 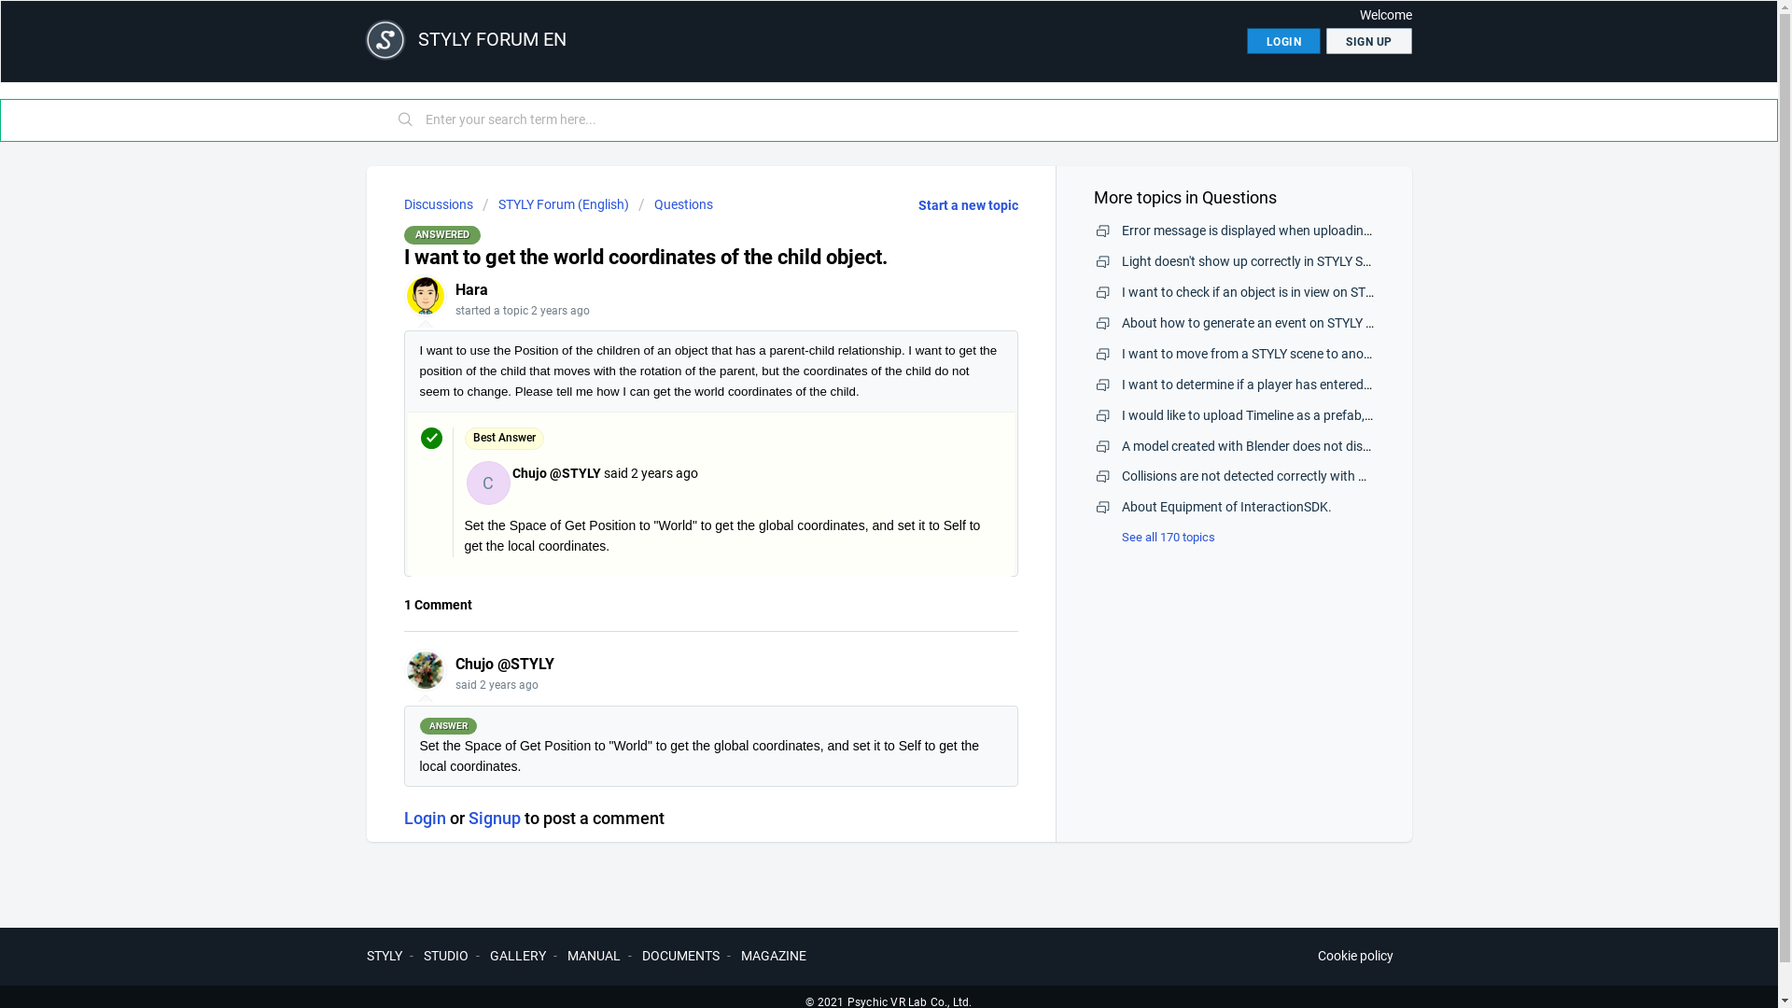 I want to click on 'DOCUMENTS', so click(x=679, y=955).